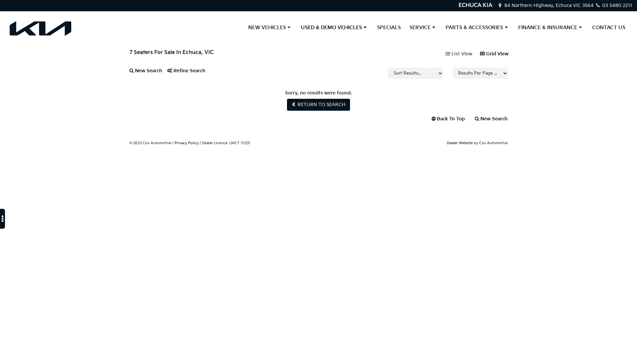  I want to click on 'New Search', so click(489, 118).